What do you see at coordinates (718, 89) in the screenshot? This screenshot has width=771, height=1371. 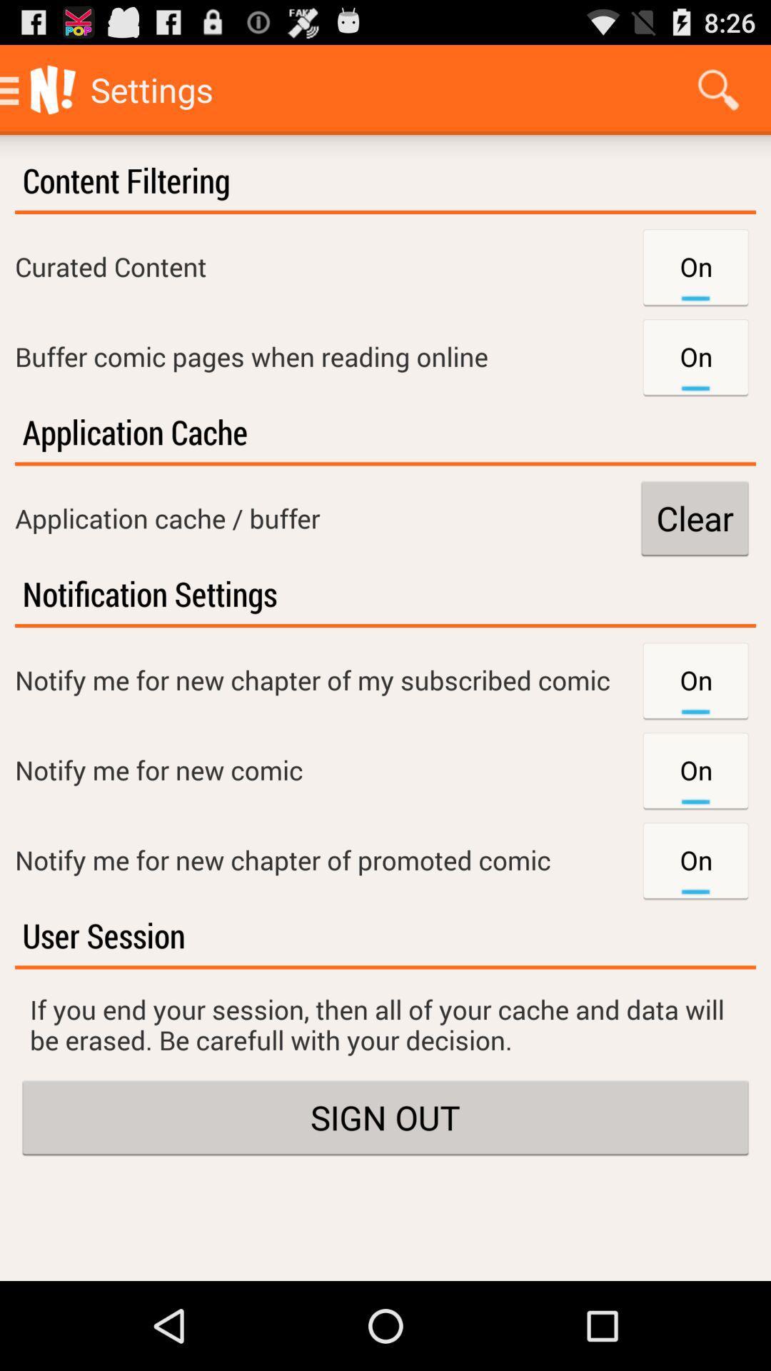 I see `icon above the content filtering` at bounding box center [718, 89].